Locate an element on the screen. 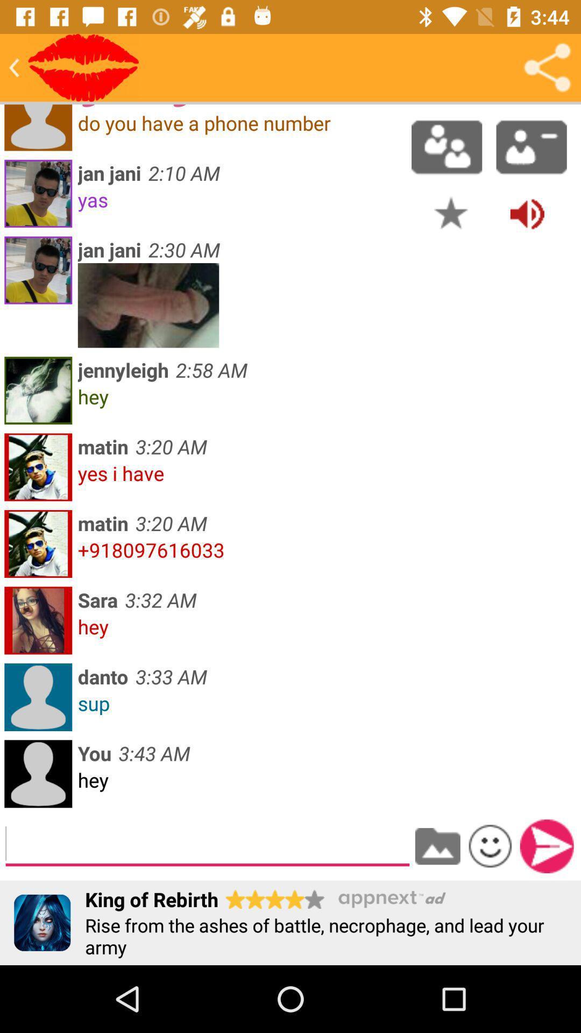  favorite is located at coordinates (451, 213).